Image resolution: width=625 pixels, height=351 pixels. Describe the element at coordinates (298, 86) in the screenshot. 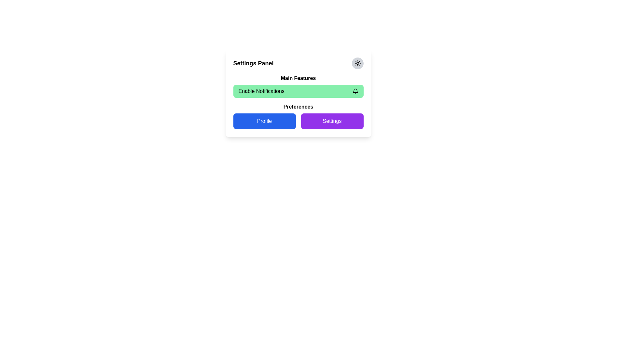

I see `the green button labeled 'Enable Notifications' with a bell icon, located under the 'Main Features' section in the 'Settings Panel.'` at that location.